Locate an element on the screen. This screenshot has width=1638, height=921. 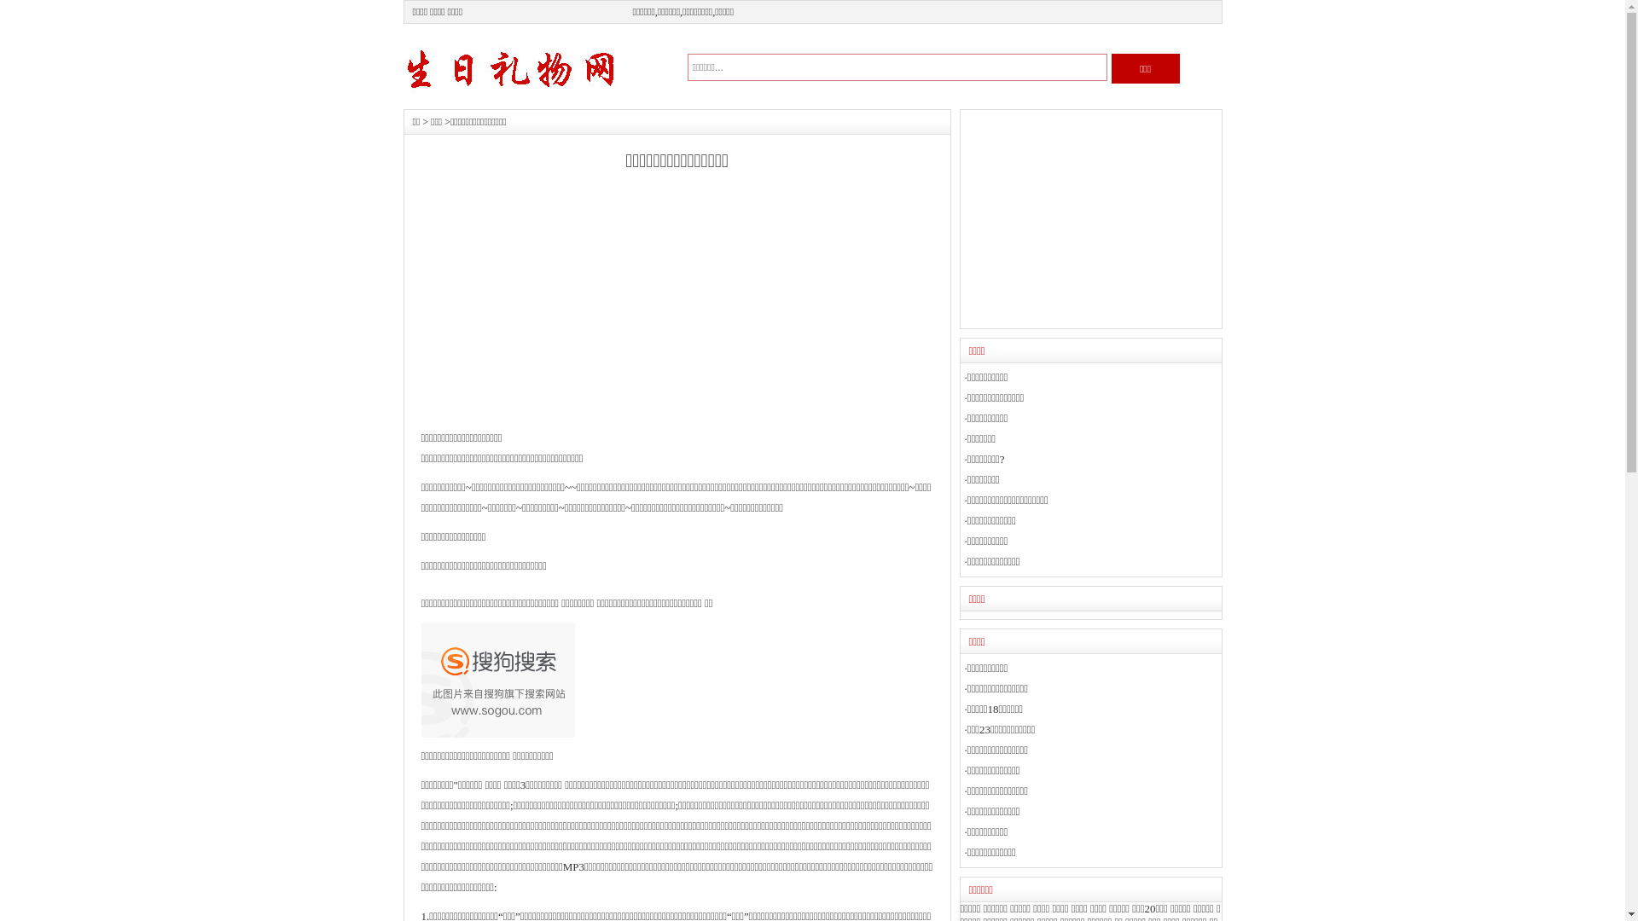
'Advertisement' is located at coordinates (565, 309).